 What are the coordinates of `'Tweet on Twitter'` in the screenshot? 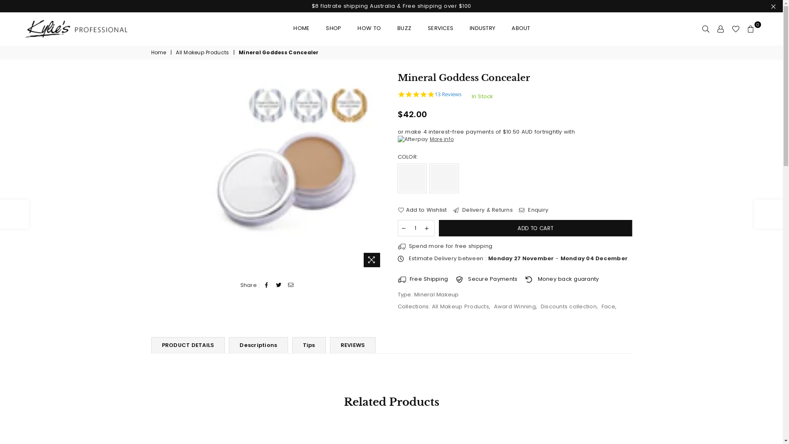 It's located at (279, 285).